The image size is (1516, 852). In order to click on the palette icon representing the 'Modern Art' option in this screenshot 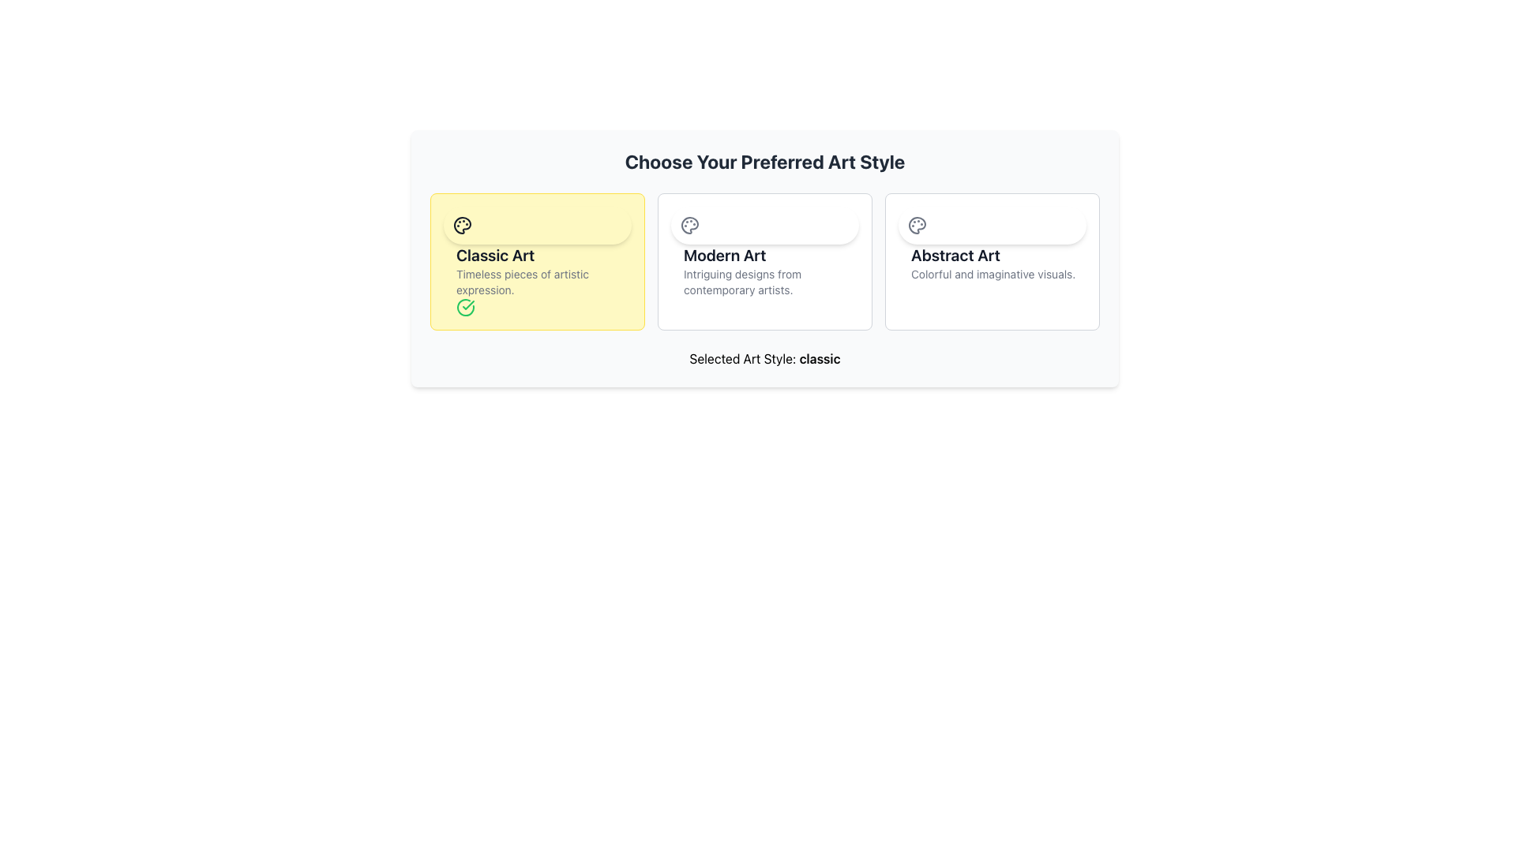, I will do `click(689, 225)`.